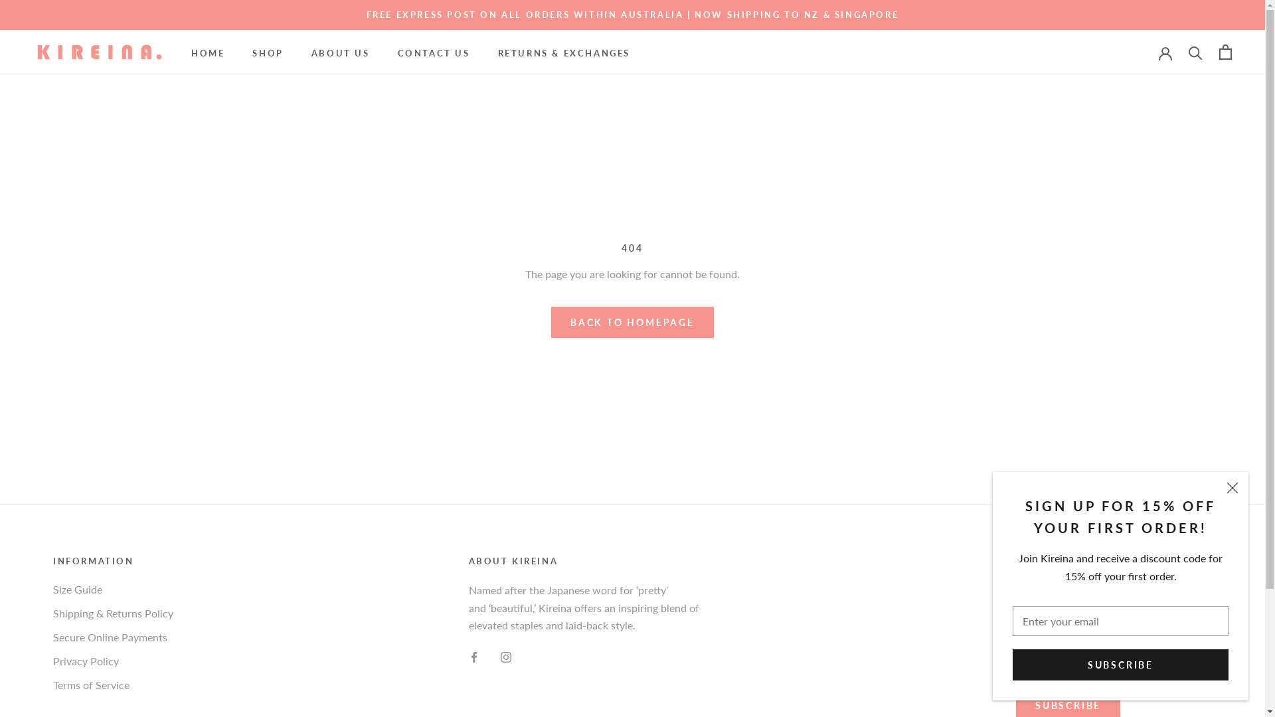 The height and width of the screenshot is (717, 1275). What do you see at coordinates (434, 52) in the screenshot?
I see `'CONTACT US` at bounding box center [434, 52].